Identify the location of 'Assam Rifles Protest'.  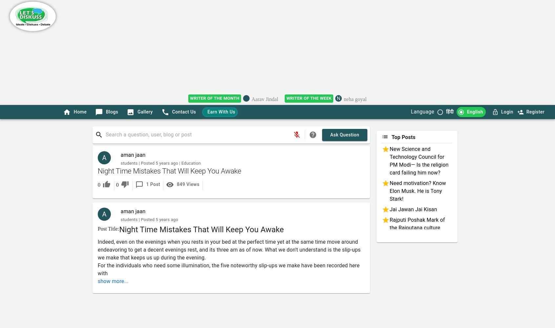
(414, 293).